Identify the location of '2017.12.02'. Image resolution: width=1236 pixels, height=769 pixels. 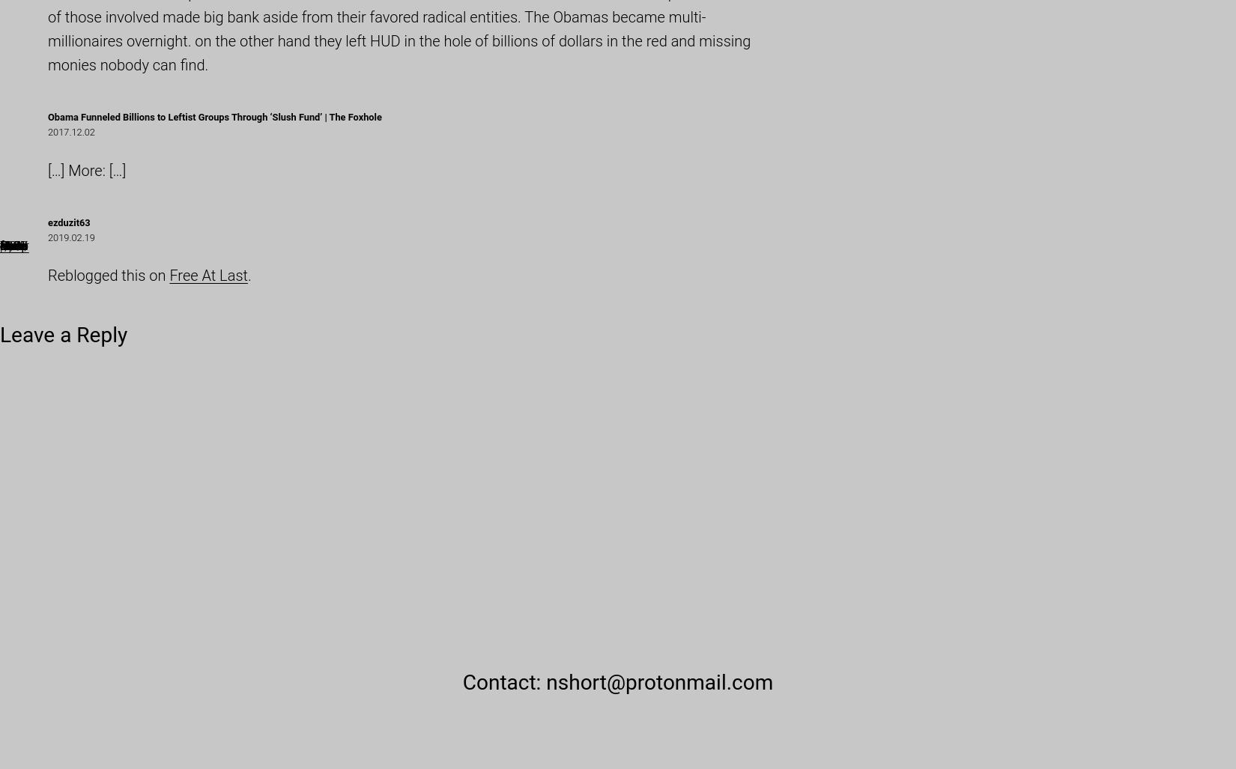
(71, 131).